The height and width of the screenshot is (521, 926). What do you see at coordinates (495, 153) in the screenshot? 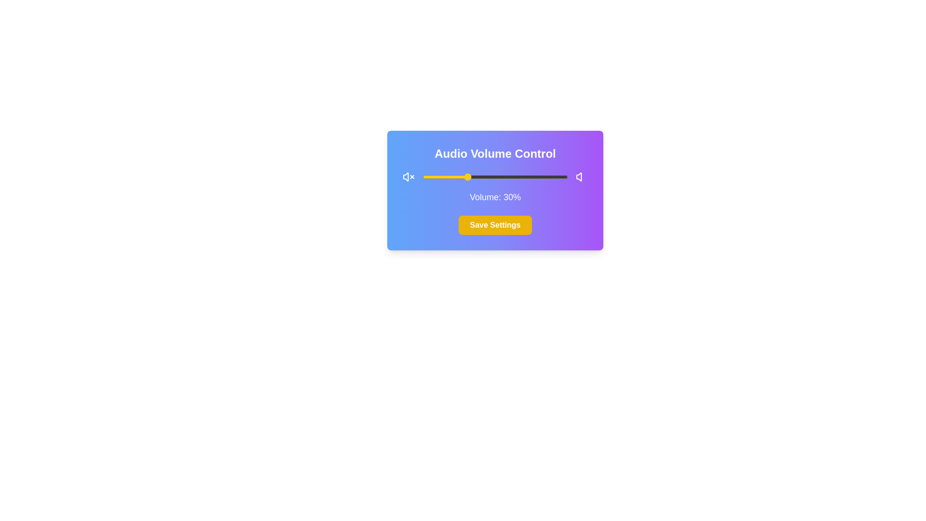
I see `the title of the Audio Volume Control component` at bounding box center [495, 153].